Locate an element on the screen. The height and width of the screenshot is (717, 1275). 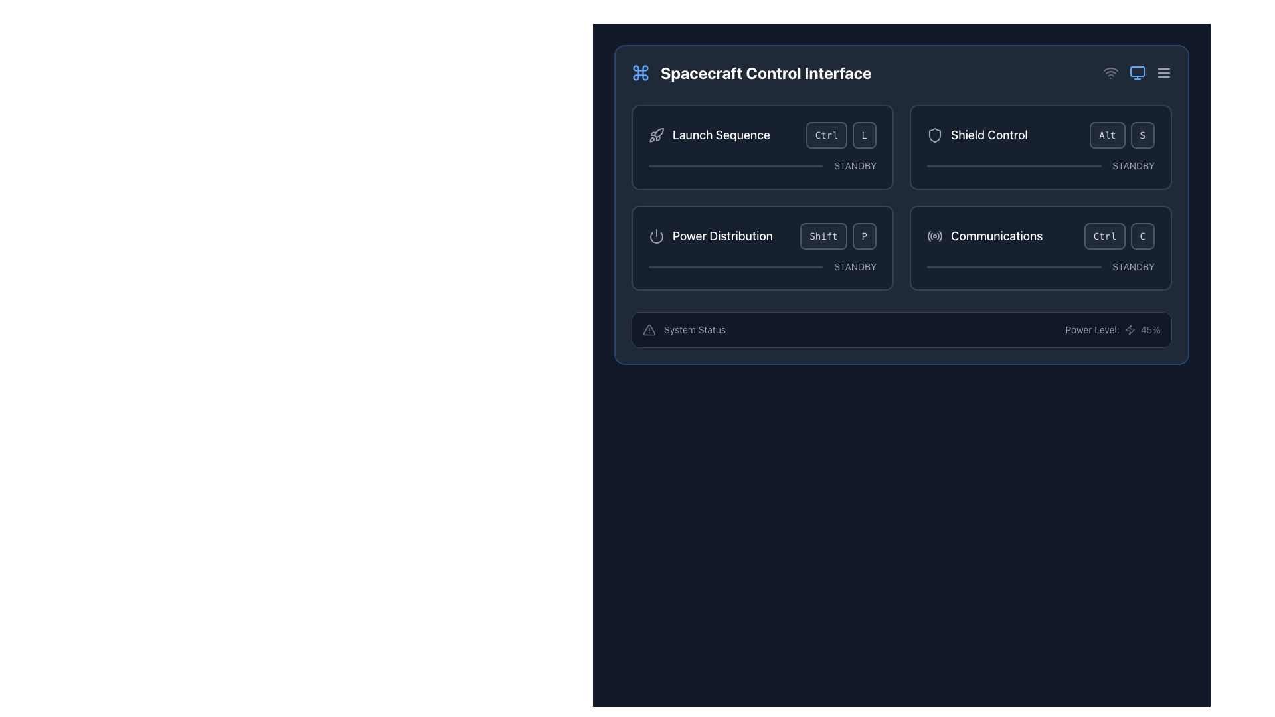
the Wi-Fi icon, which is the first icon in a group of three at the top-right corner of the interface, distinguished by its concentric arcs and small circle design is located at coordinates (1111, 73).